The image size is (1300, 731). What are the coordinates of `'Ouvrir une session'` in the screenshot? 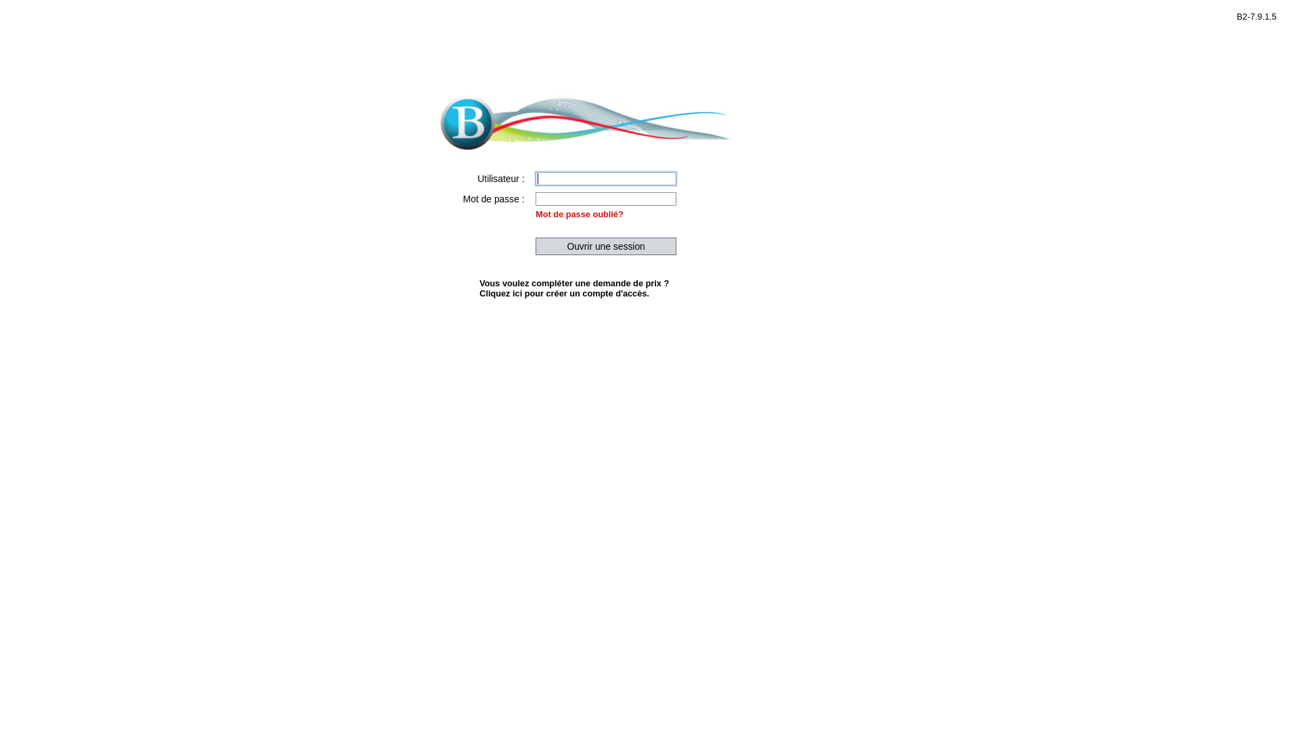 It's located at (605, 246).